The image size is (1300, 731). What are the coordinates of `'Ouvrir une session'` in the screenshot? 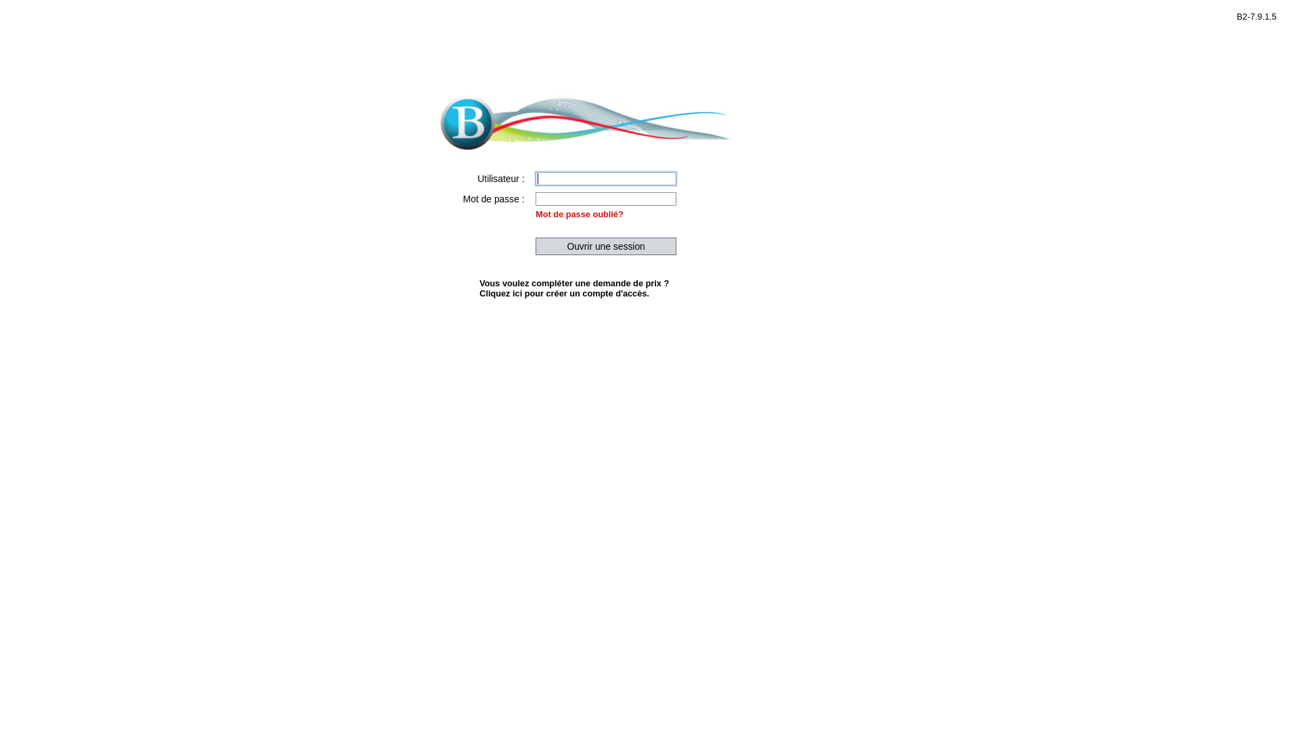 It's located at (605, 246).